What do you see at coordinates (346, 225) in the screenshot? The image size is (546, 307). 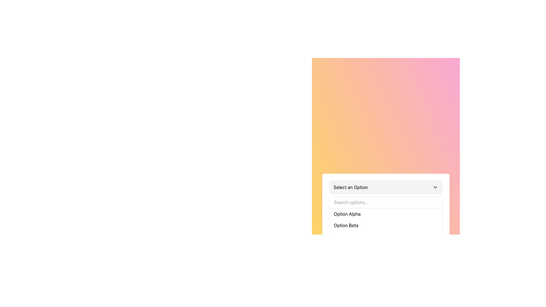 I see `the text label 'Option Beta' located` at bounding box center [346, 225].